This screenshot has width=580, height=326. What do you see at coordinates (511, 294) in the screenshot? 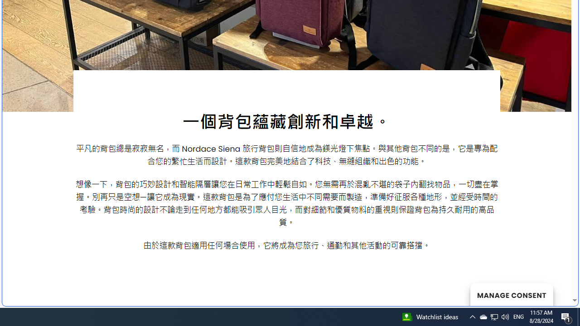
I see `'MANAGE CONSENT'` at bounding box center [511, 294].